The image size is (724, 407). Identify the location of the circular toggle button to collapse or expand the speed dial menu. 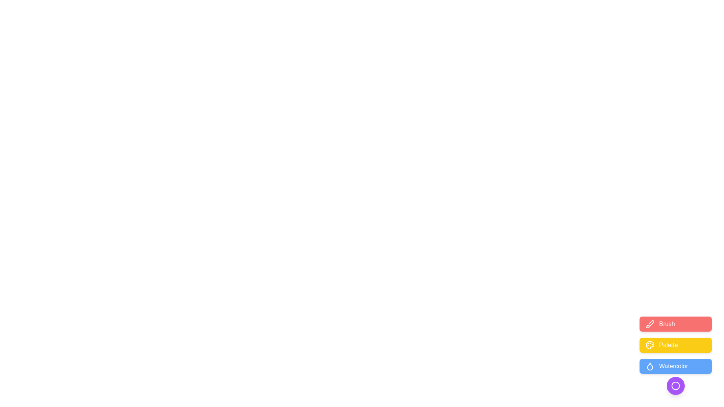
(675, 386).